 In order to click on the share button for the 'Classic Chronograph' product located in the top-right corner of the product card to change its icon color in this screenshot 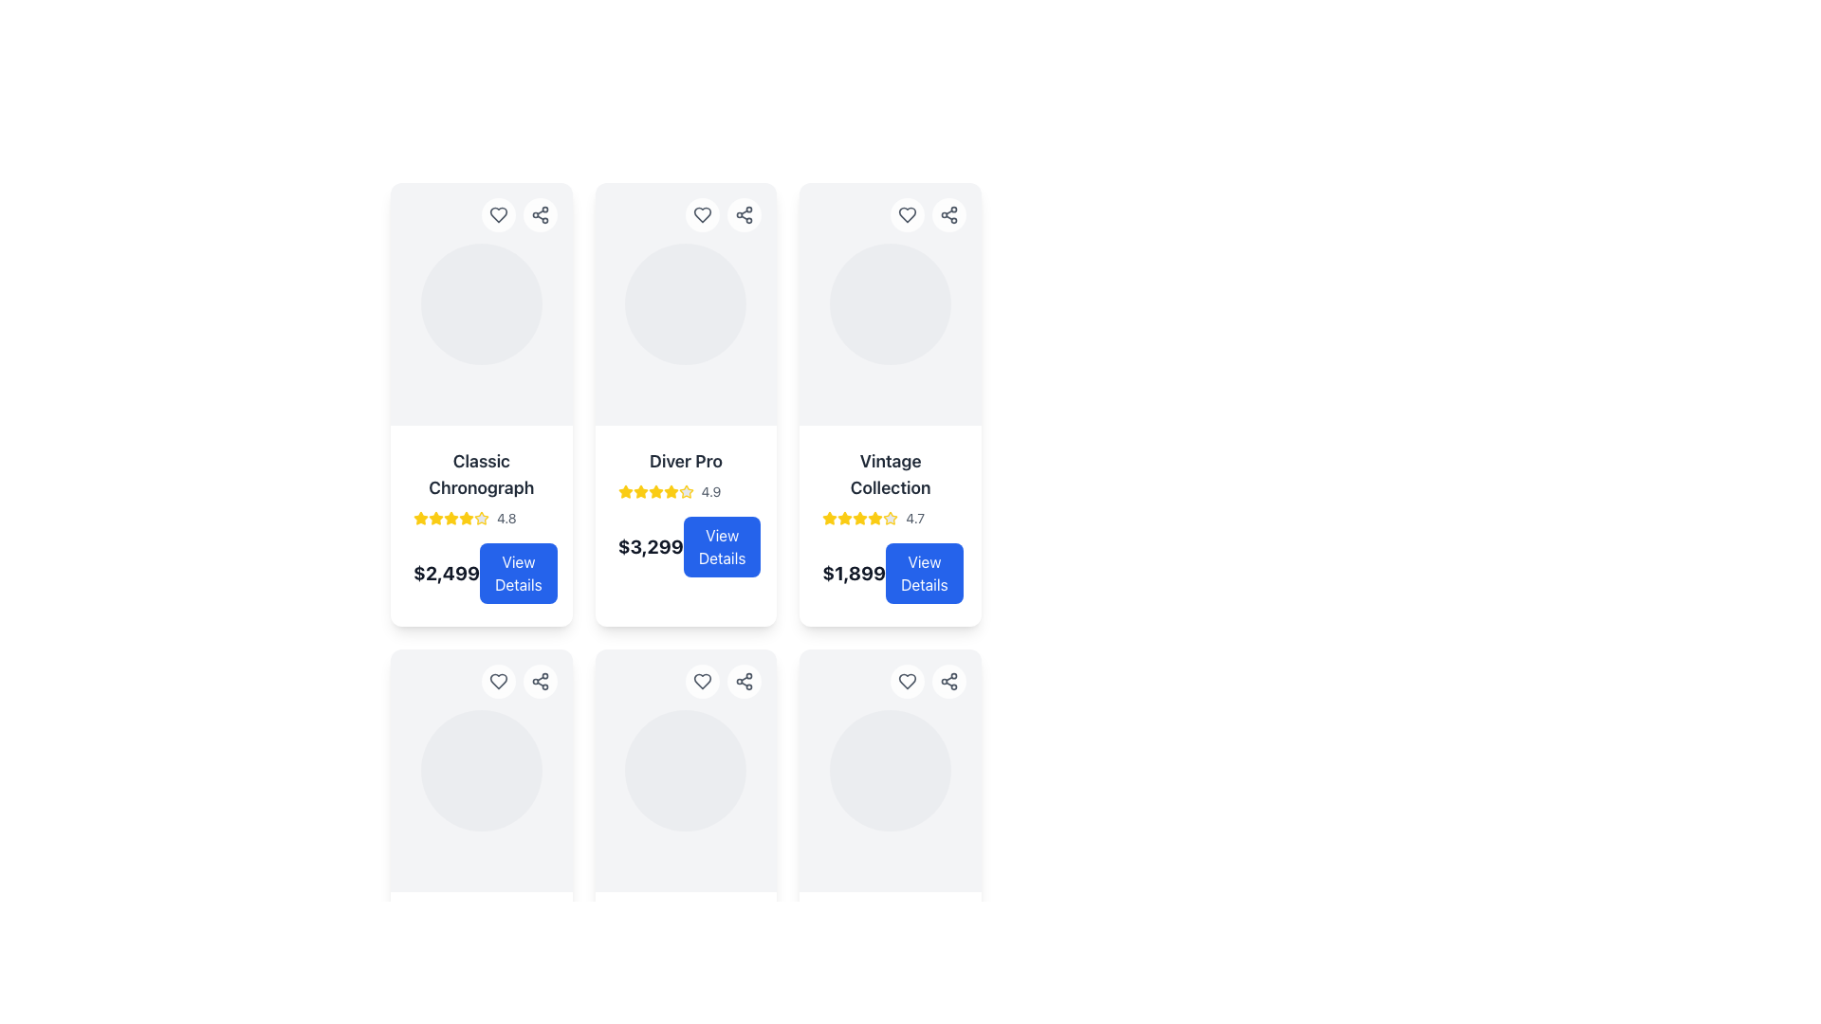, I will do `click(539, 214)`.